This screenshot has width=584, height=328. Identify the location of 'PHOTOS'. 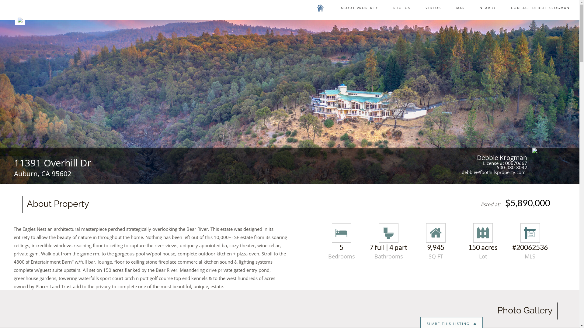
(402, 8).